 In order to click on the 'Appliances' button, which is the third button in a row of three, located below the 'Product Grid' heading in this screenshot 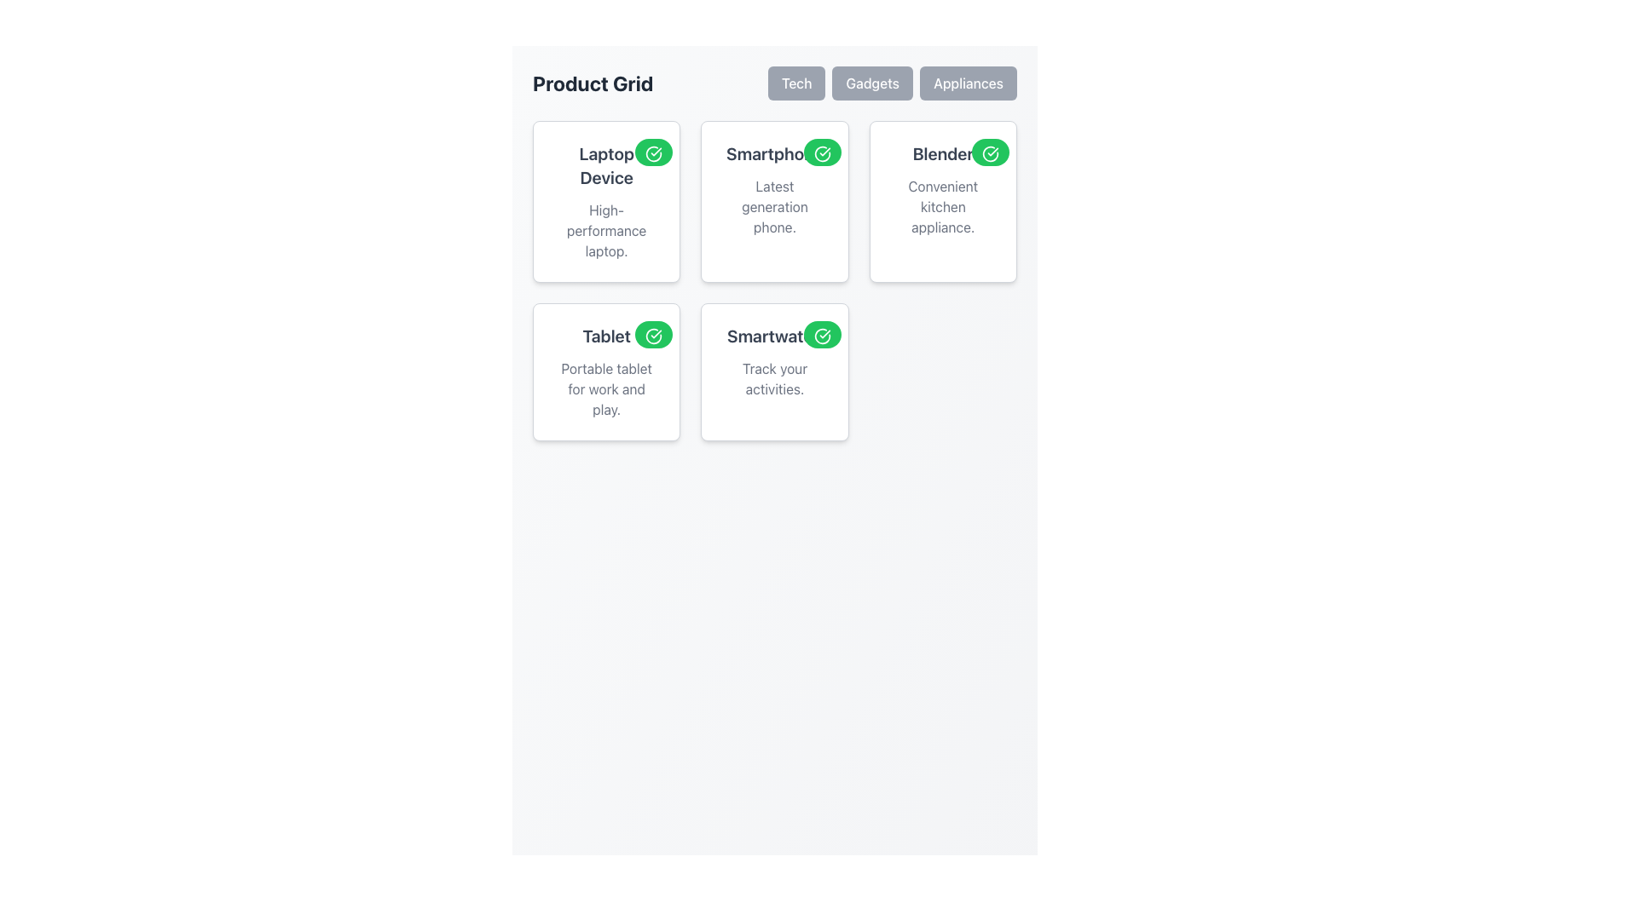, I will do `click(969, 83)`.